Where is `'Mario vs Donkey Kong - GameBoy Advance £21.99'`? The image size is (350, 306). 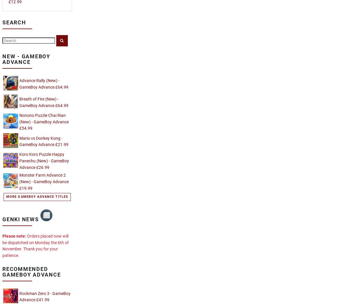
'Mario vs Donkey Kong - GameBoy Advance £21.99' is located at coordinates (19, 141).